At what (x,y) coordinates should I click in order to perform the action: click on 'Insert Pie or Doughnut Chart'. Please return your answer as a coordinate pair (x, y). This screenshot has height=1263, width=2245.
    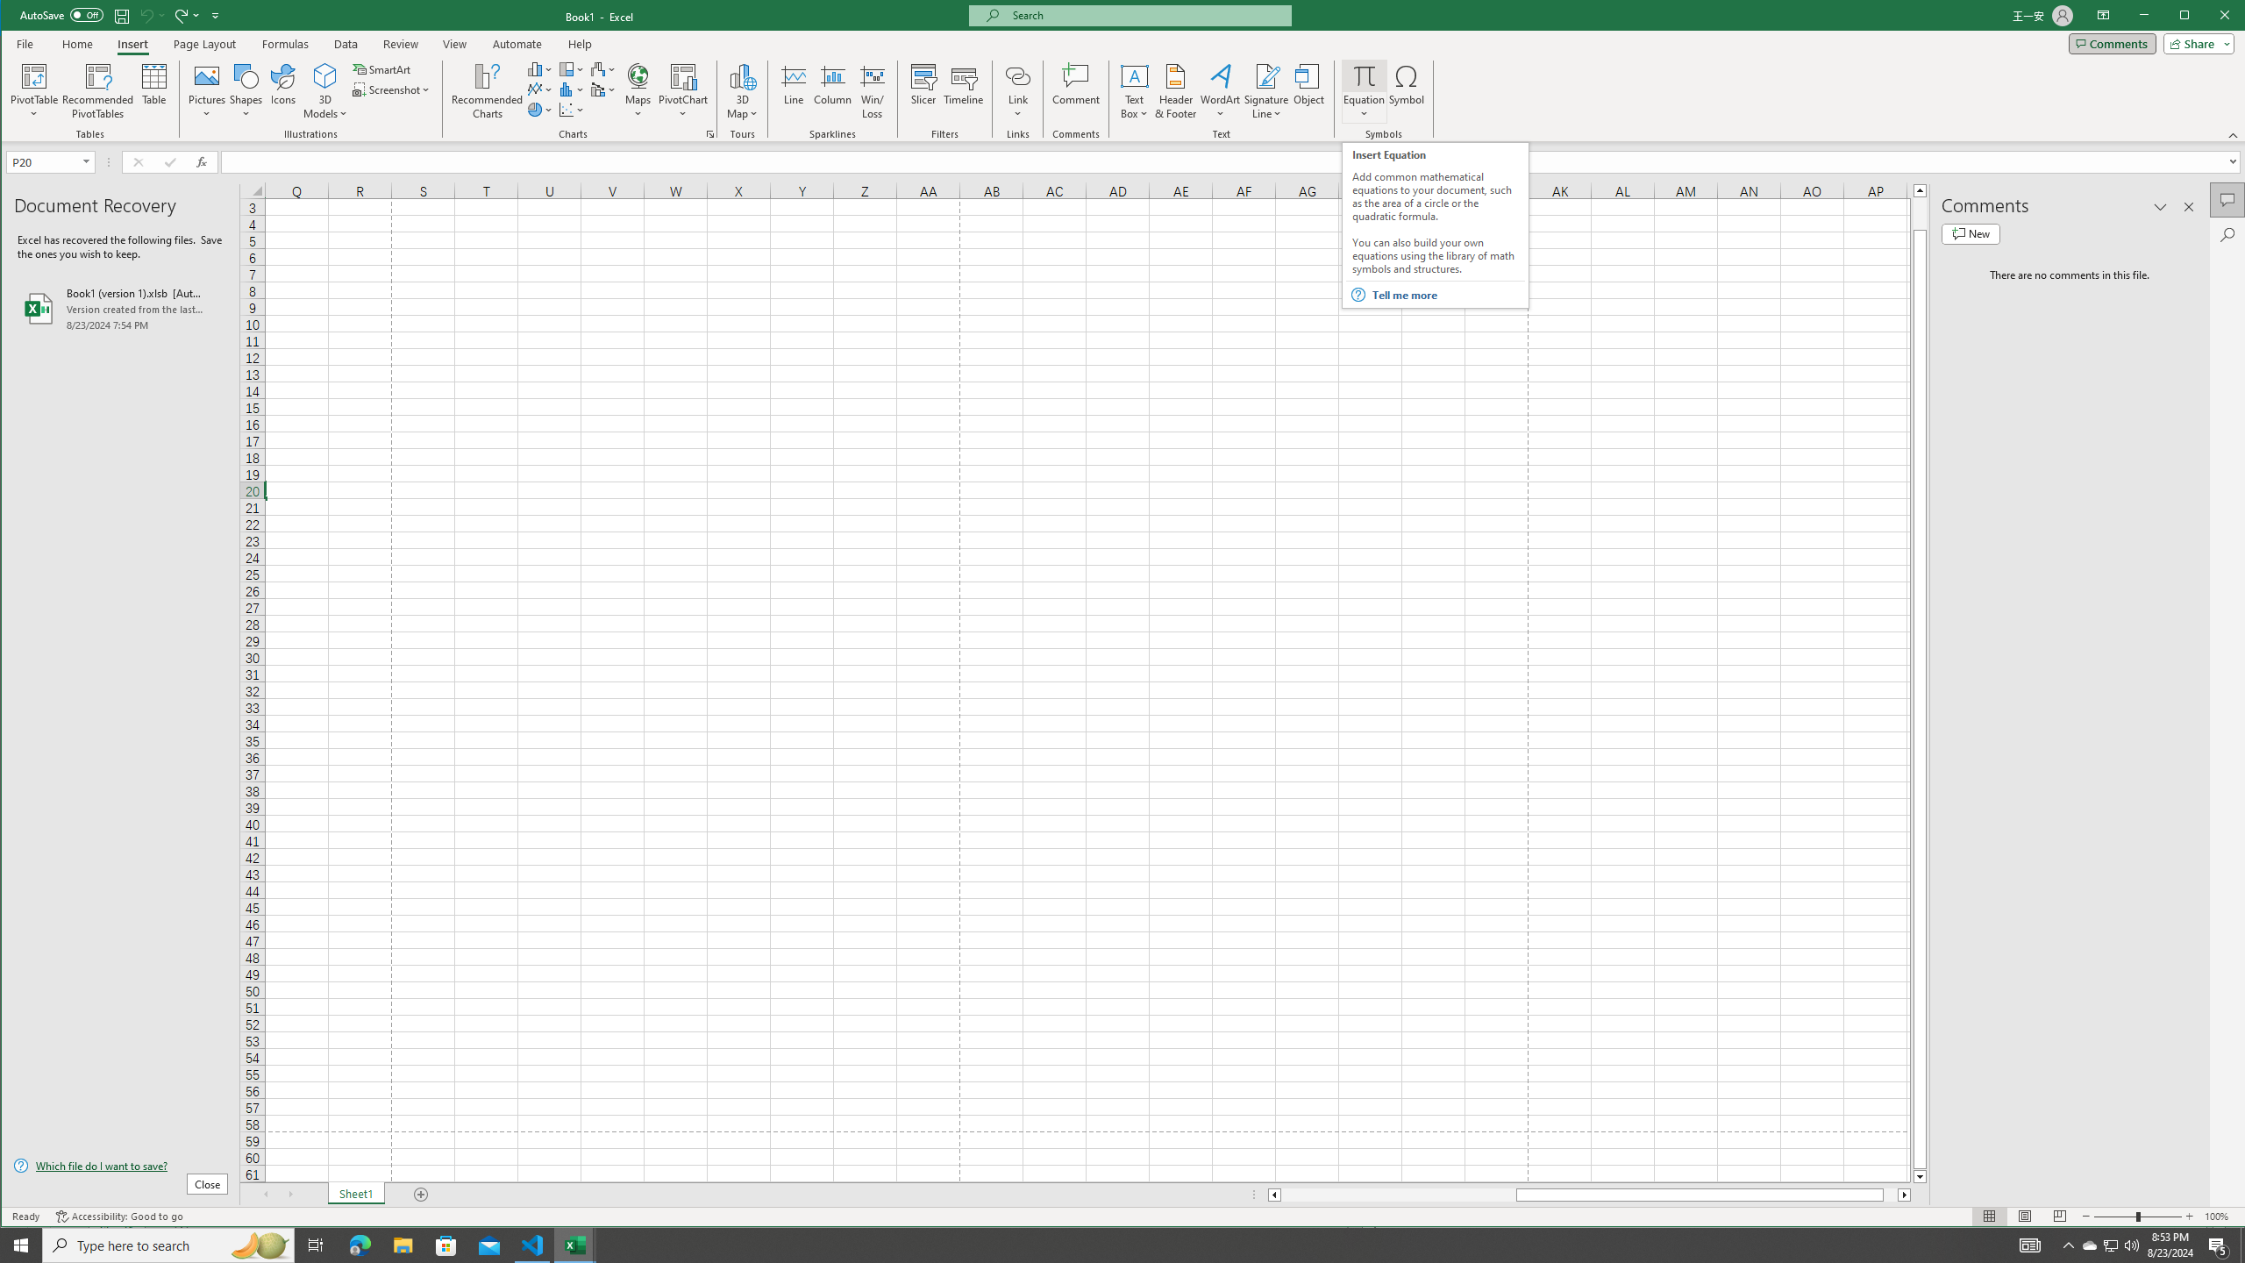
    Looking at the image, I should click on (539, 110).